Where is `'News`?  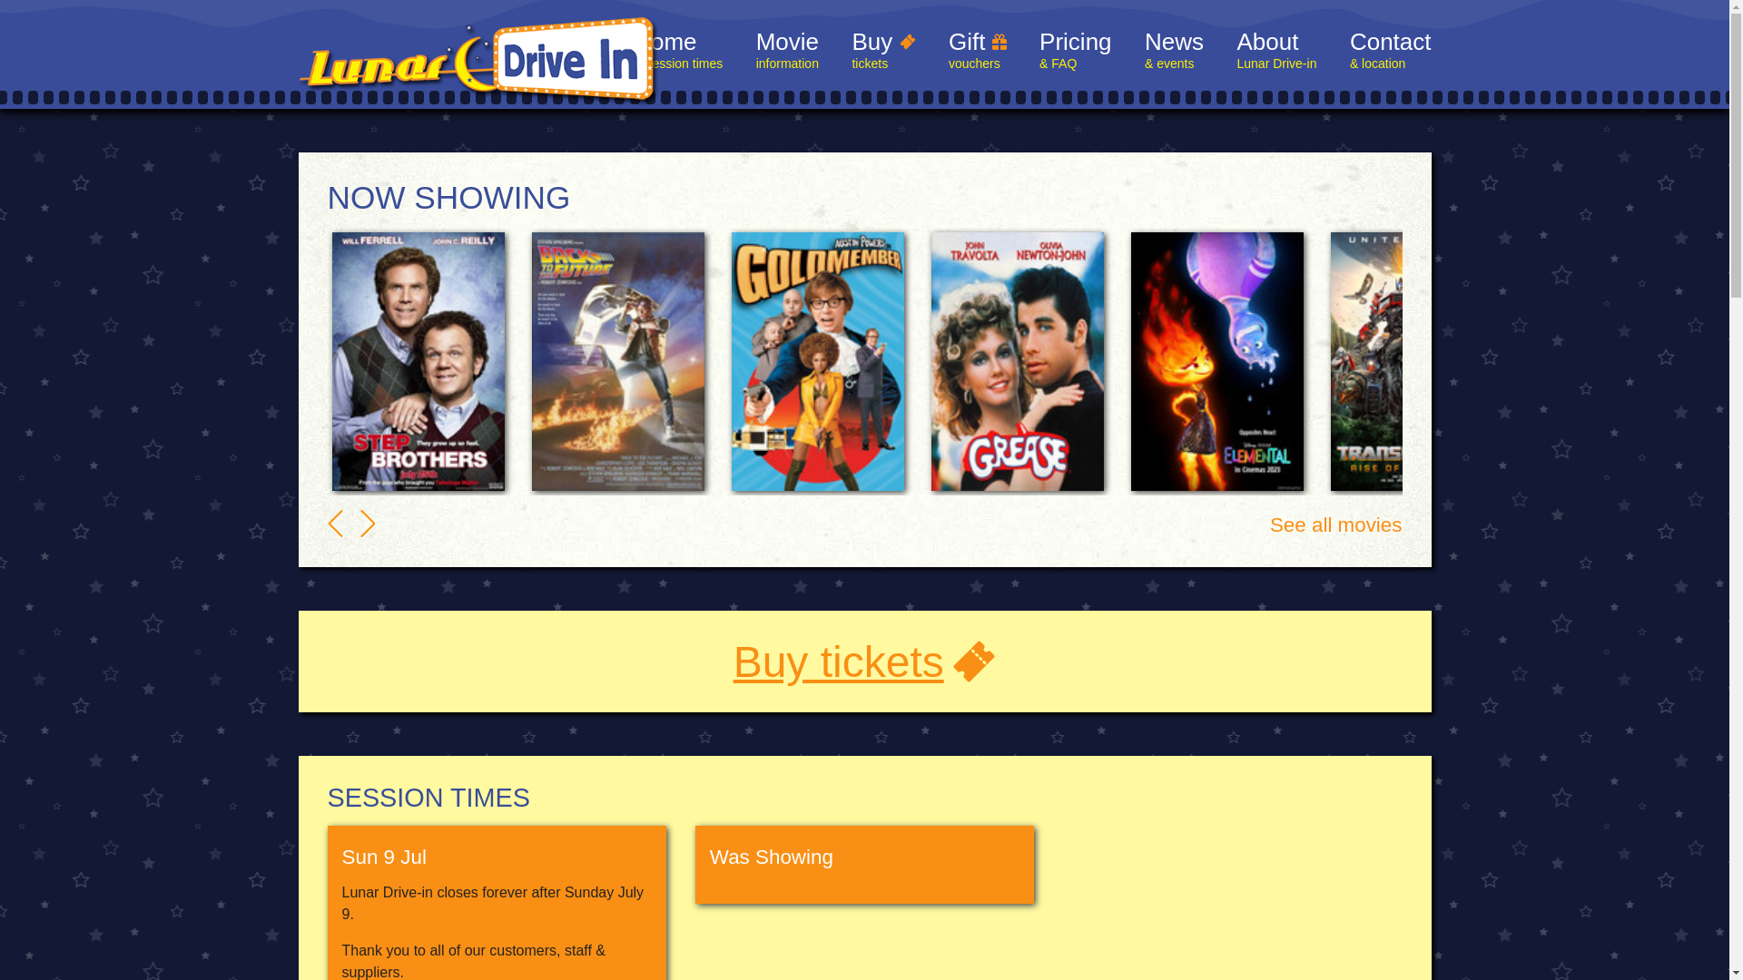
'News is located at coordinates (1144, 51).